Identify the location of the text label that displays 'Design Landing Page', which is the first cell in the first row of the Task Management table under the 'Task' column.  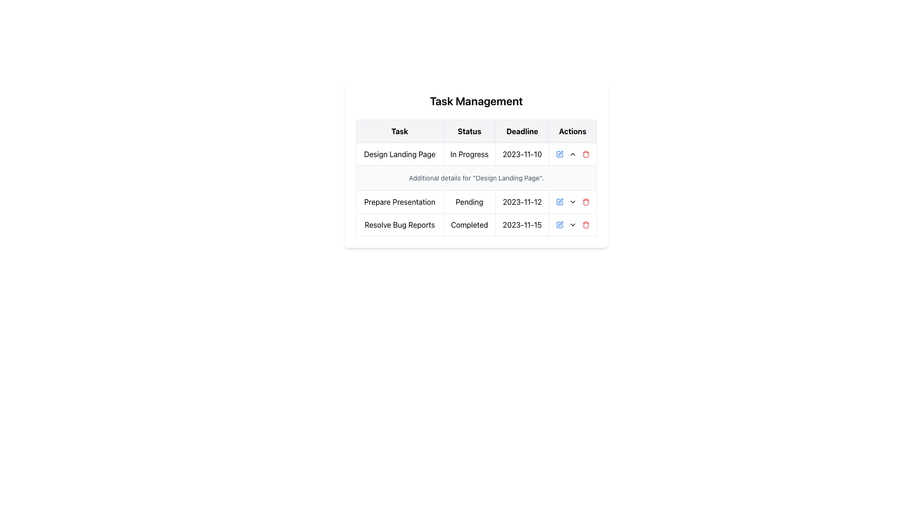
(399, 154).